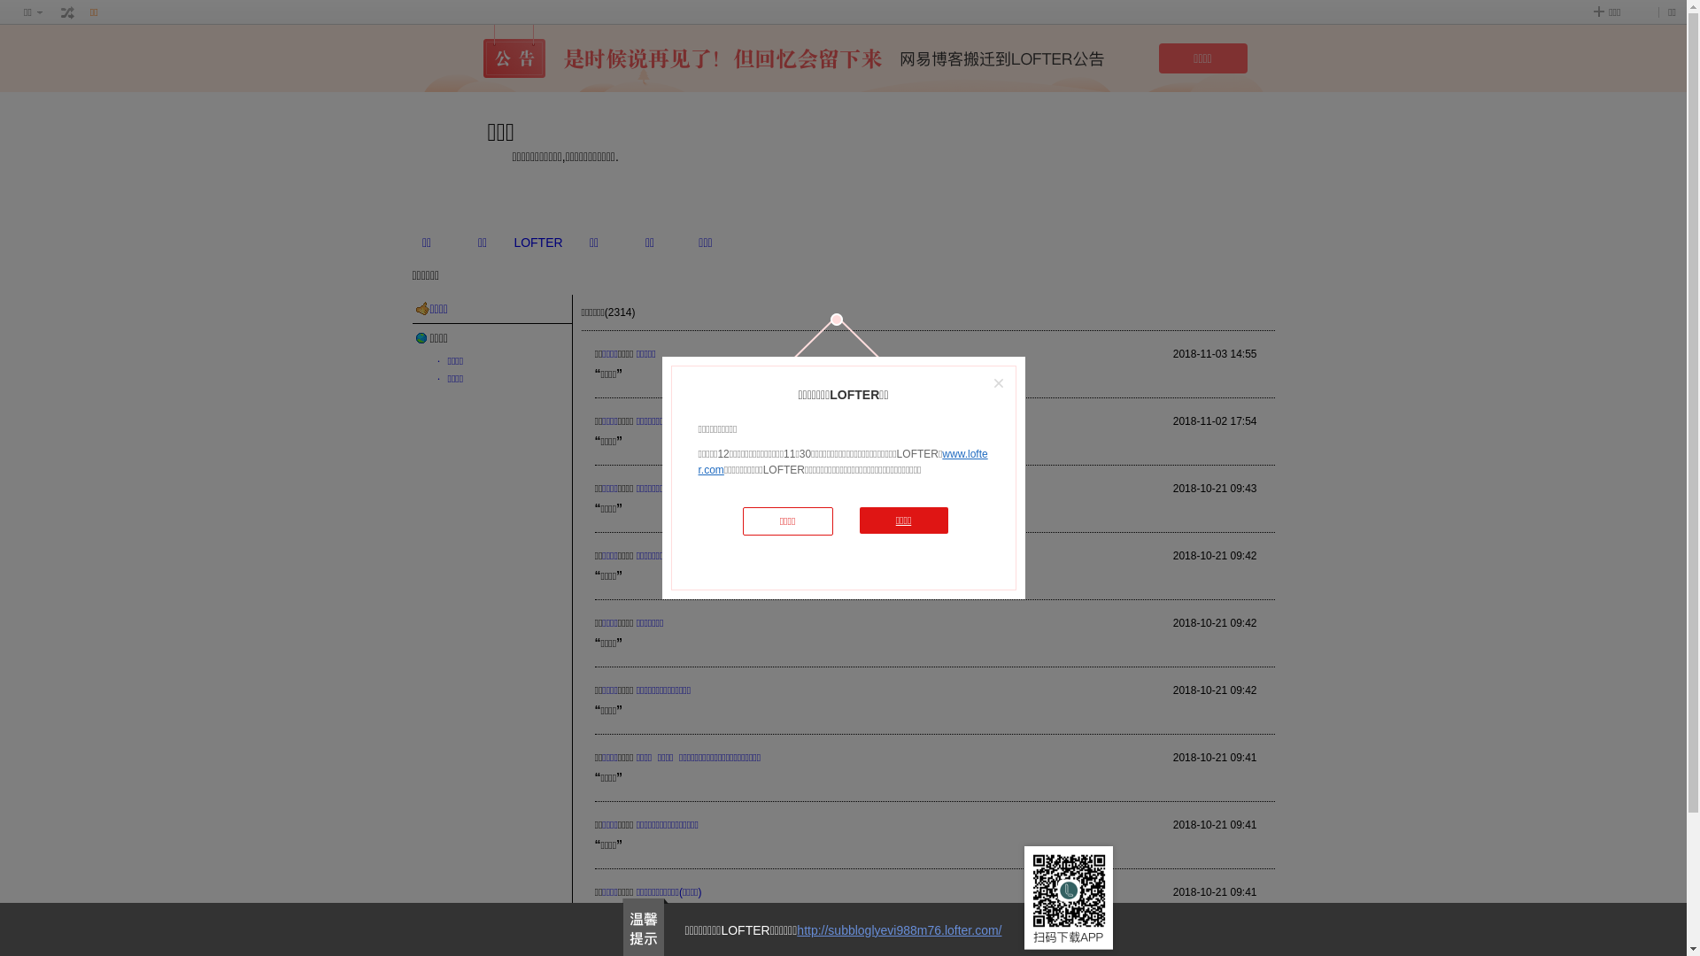 The height and width of the screenshot is (956, 1700). I want to click on 'LOFTER', so click(537, 242).